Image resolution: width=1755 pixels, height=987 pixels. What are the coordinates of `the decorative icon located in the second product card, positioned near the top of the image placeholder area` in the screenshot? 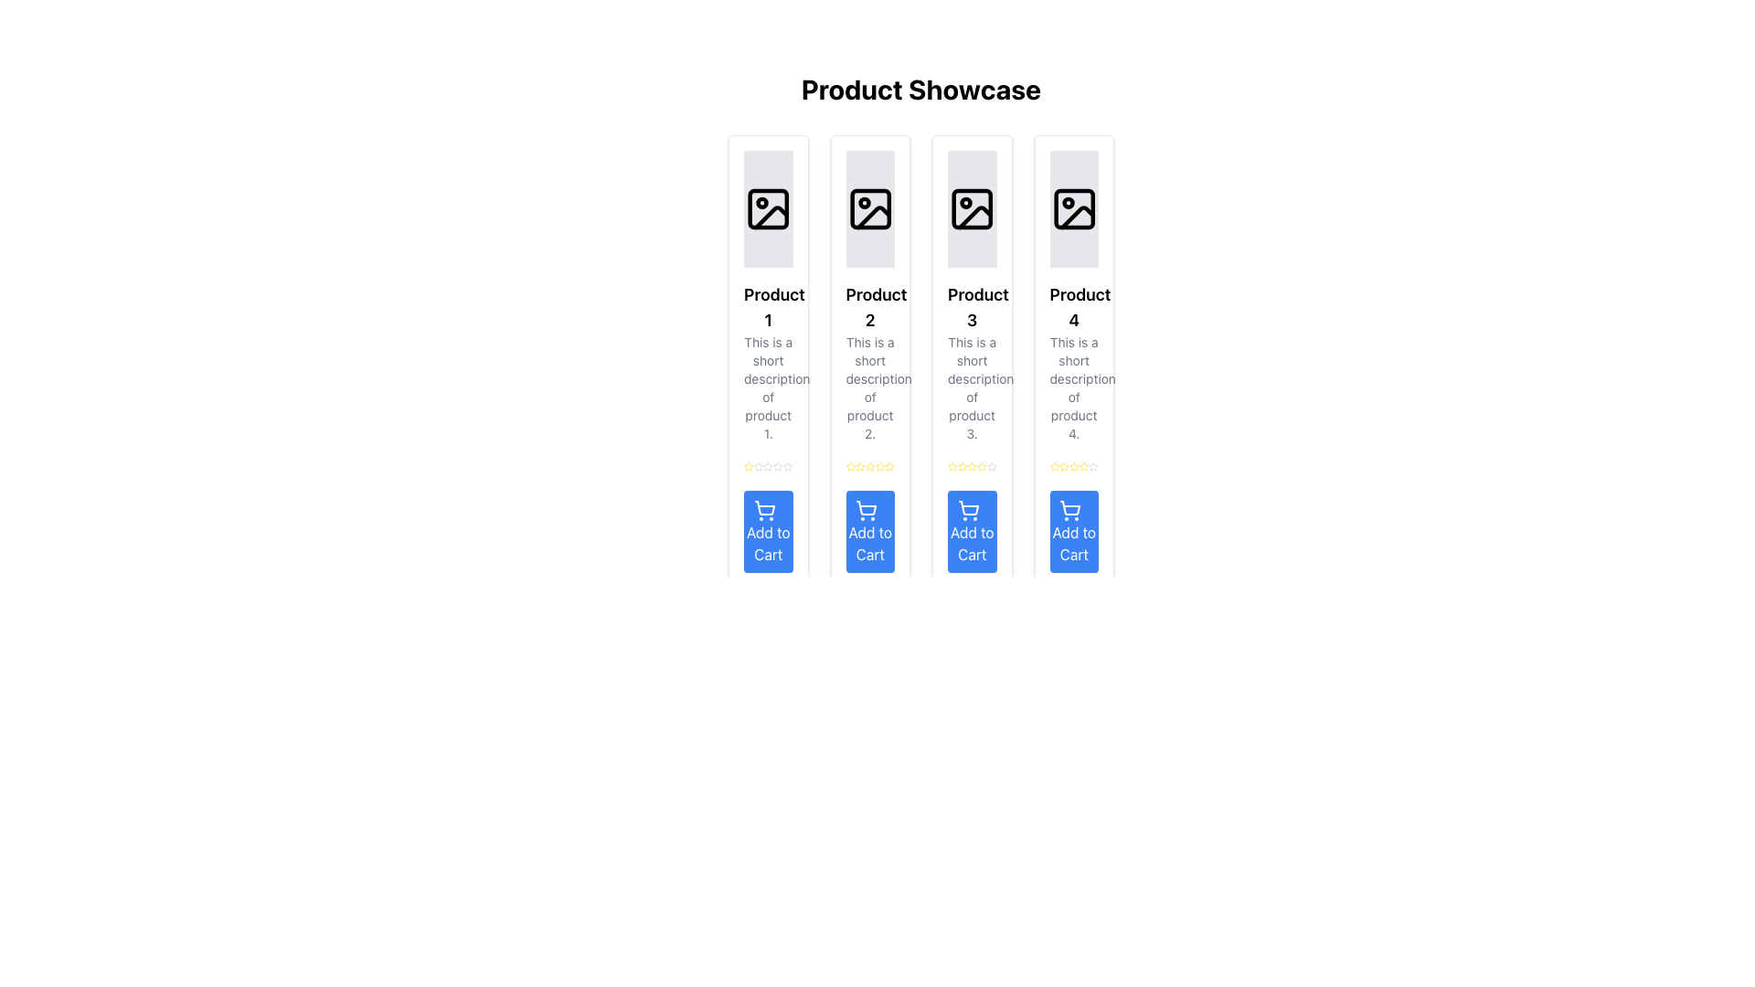 It's located at (863, 203).